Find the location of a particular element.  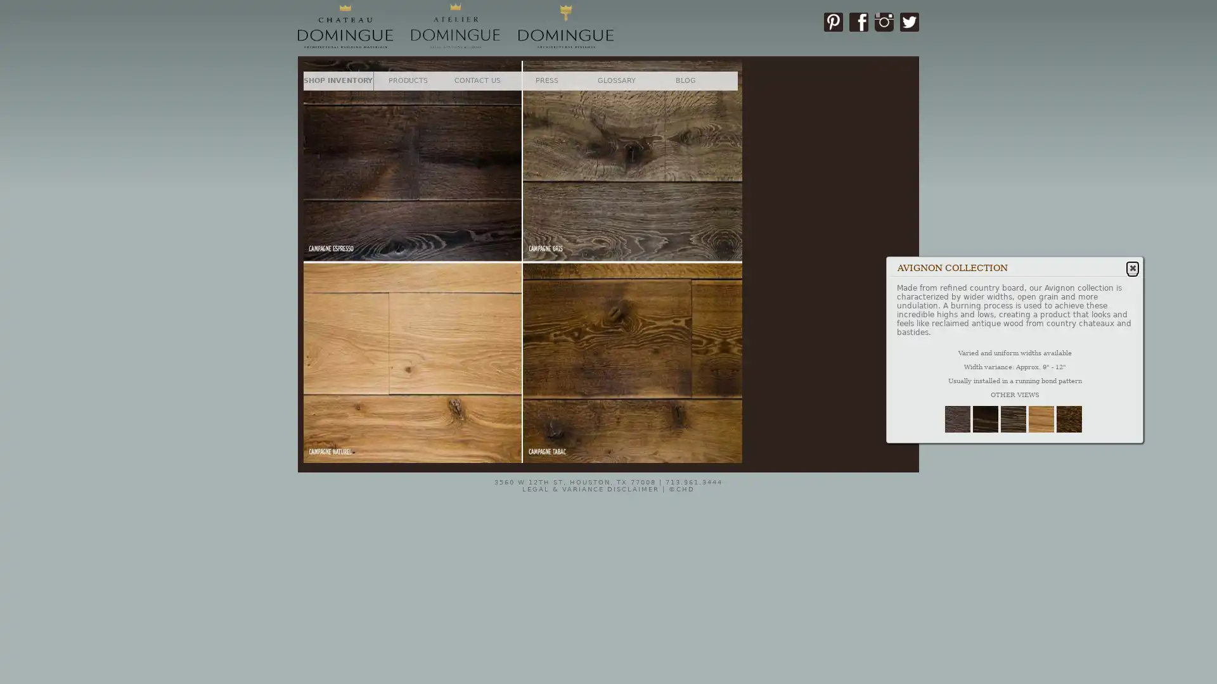

SUBSCRIBE is located at coordinates (370, 246).